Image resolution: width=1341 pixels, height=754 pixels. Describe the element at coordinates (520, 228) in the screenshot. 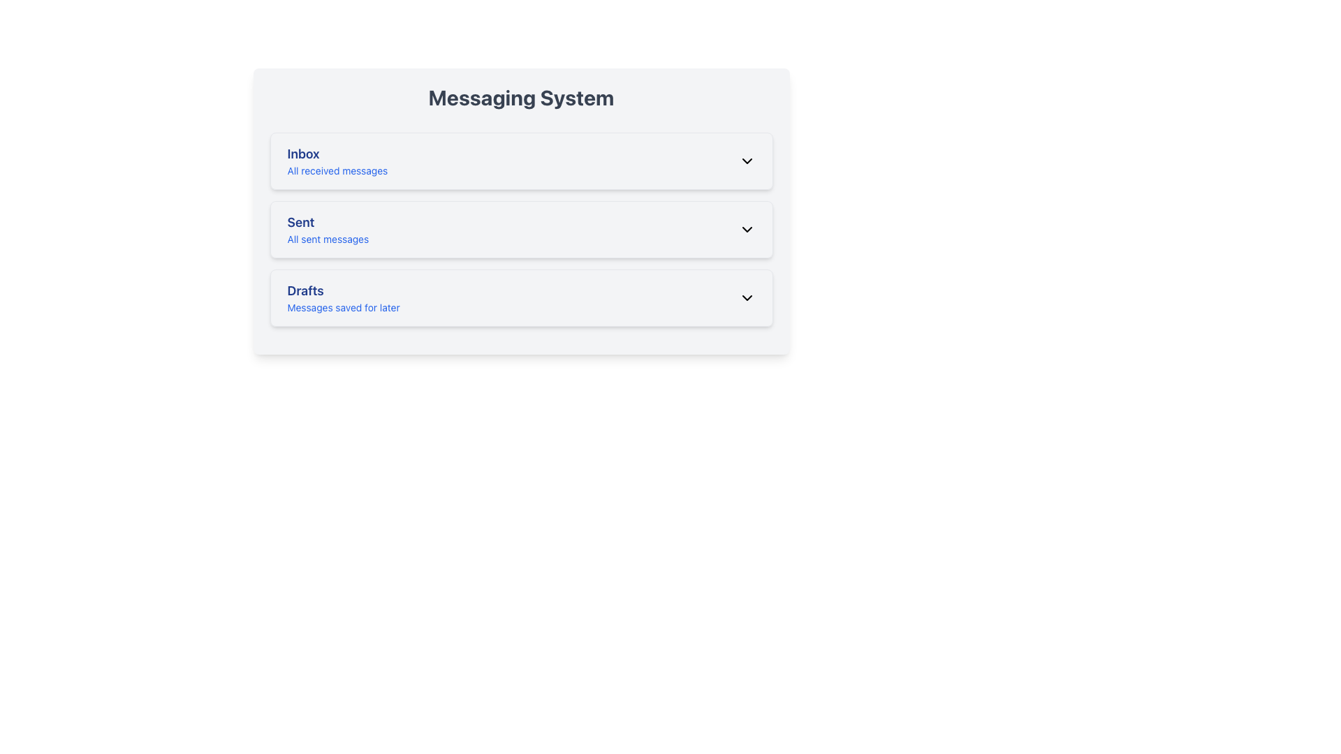

I see `the 'Sent' section of the Messaging System` at that location.